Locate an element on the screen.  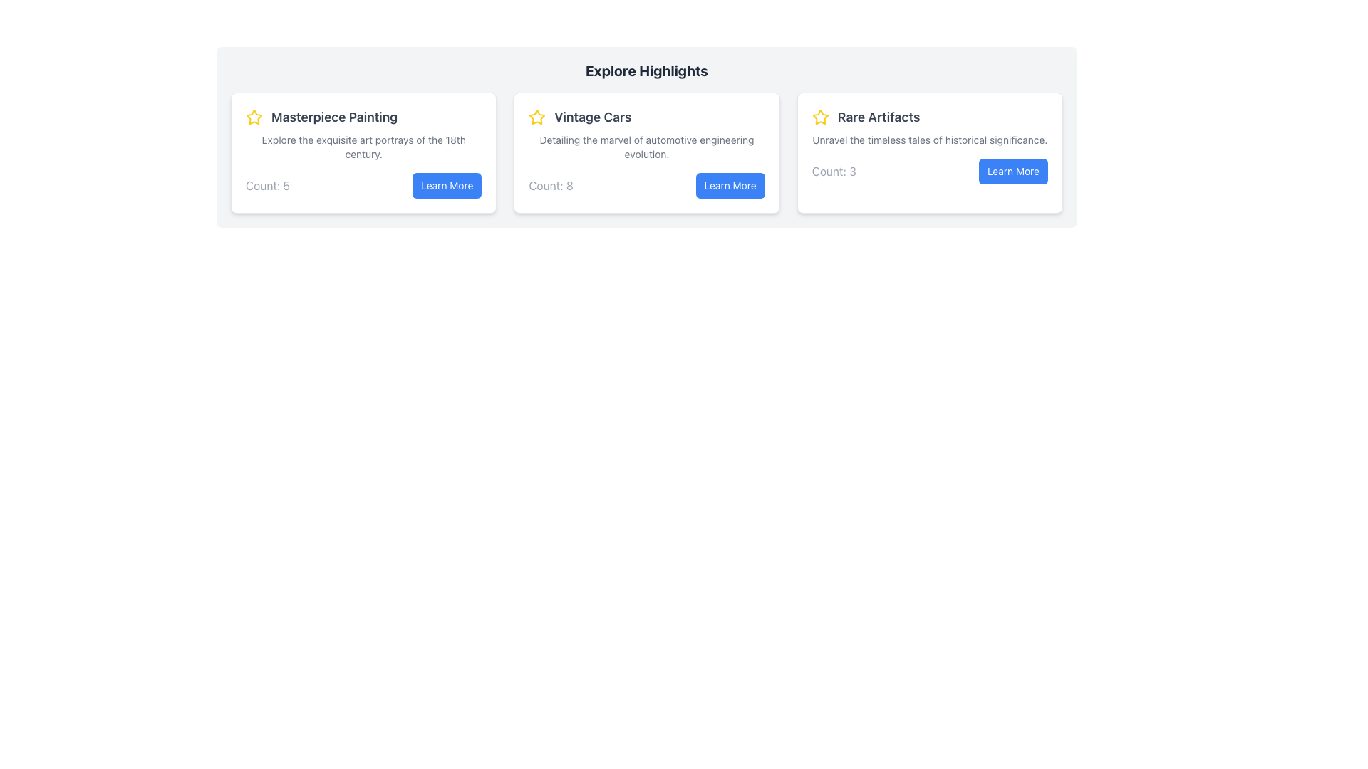
the yellow star icon representing the rating or favorite feature located to the left of the text 'Masterpiece Painting' in the first card from the left is located at coordinates (254, 117).